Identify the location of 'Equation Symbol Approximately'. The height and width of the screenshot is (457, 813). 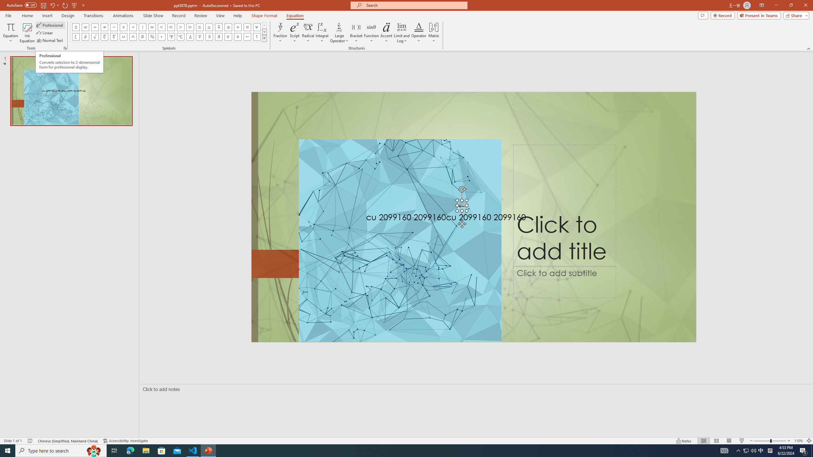
(114, 27).